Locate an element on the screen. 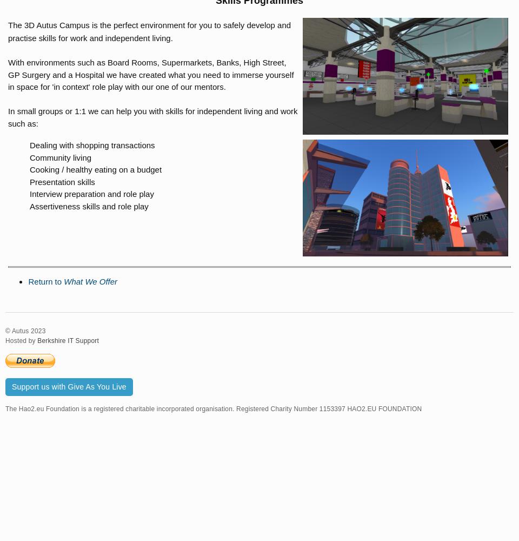  'In small groups or 1:1 we can help you with skills for independent living and work such as:' is located at coordinates (152, 116).